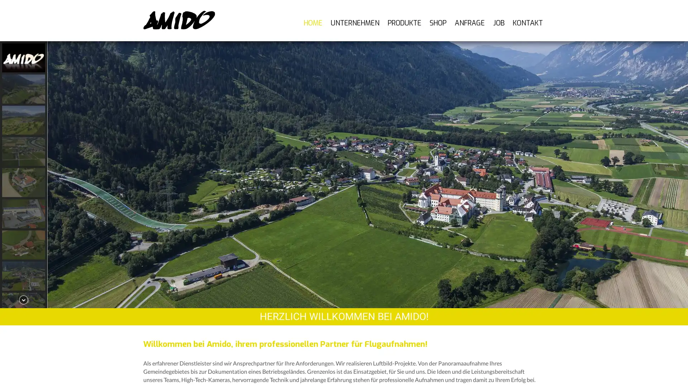  What do you see at coordinates (24, 151) in the screenshot?
I see `Thumbnail 3` at bounding box center [24, 151].